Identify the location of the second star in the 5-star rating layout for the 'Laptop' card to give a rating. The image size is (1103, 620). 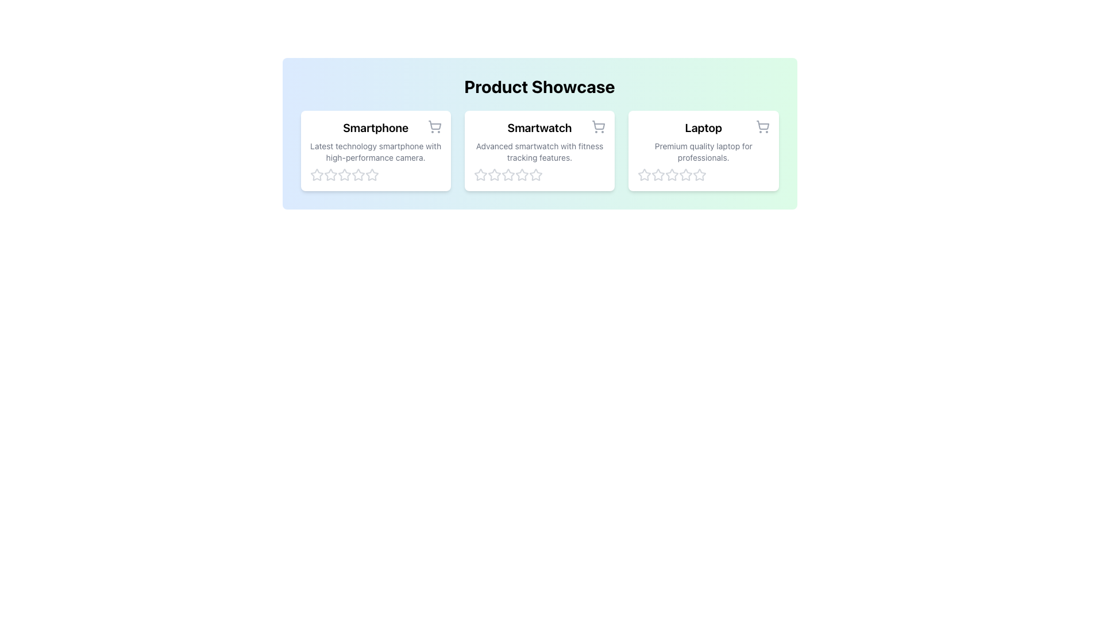
(658, 175).